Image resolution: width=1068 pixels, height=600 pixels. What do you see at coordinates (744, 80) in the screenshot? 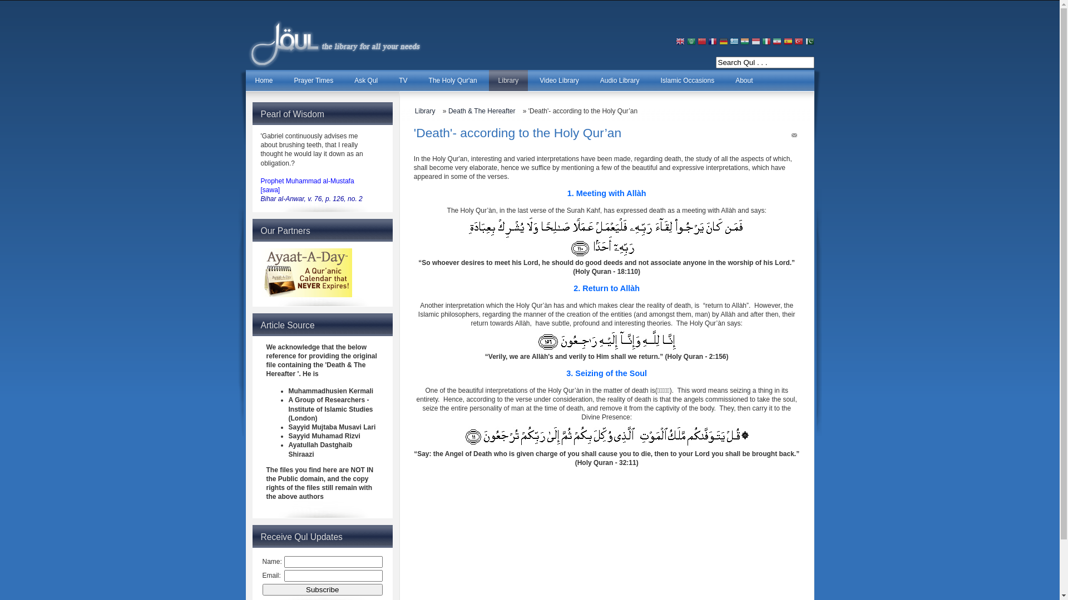
I see `'About'` at bounding box center [744, 80].